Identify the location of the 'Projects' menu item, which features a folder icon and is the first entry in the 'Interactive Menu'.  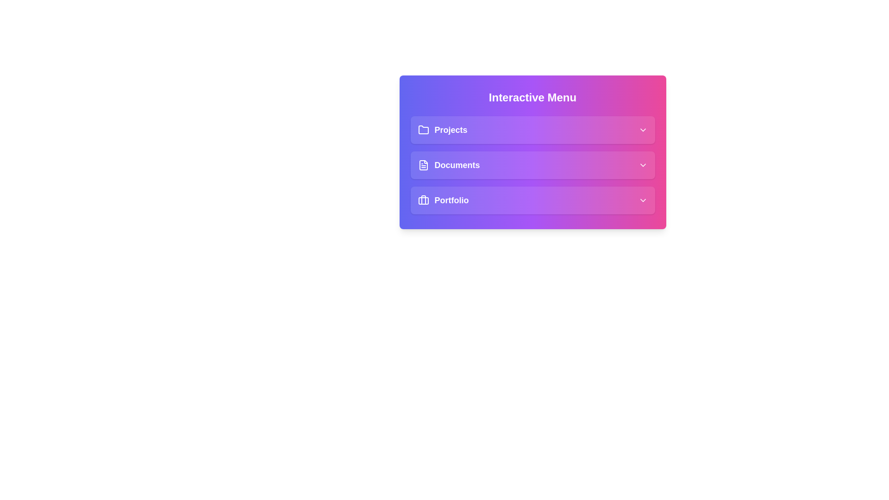
(442, 130).